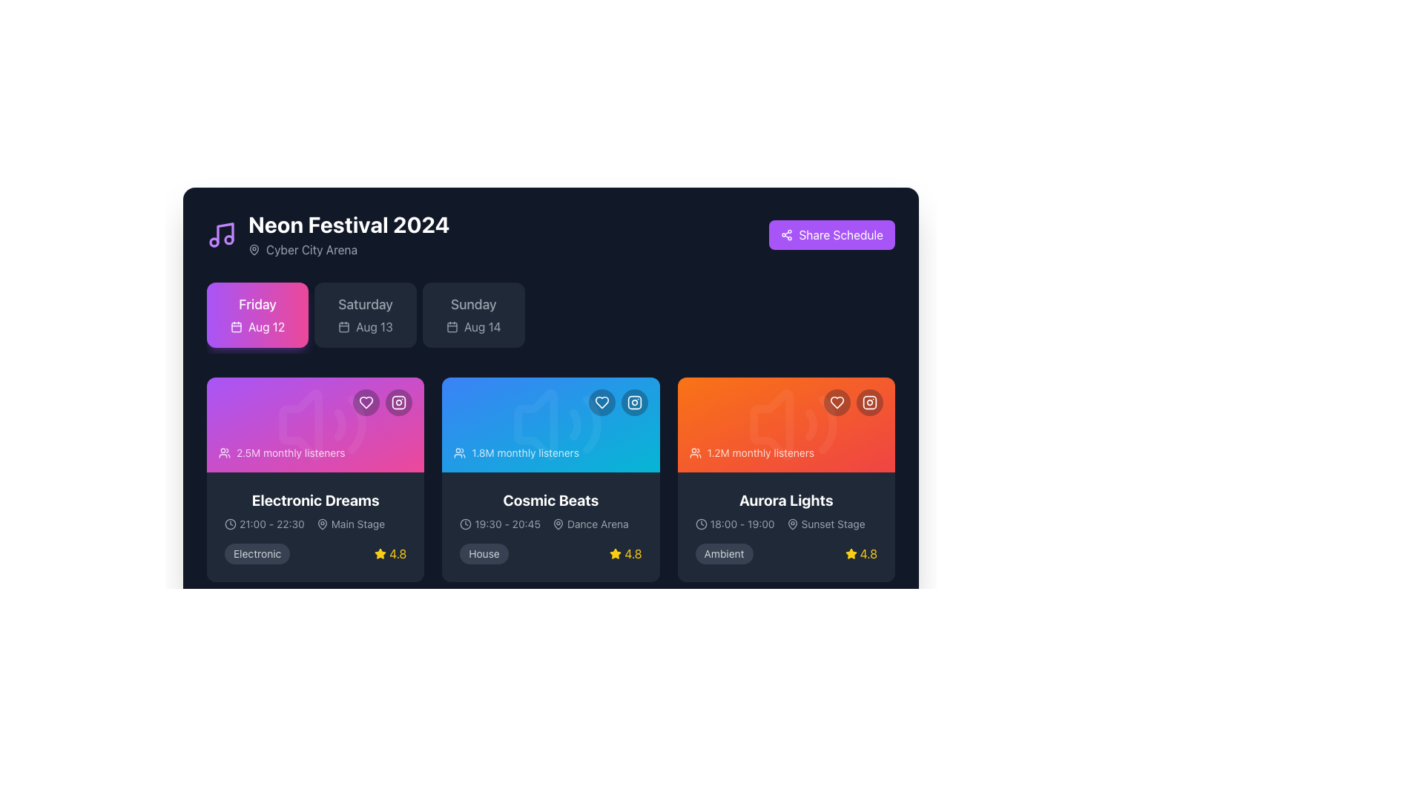  What do you see at coordinates (837, 403) in the screenshot?
I see `the 'like' button located in the top-right corner of the 'Aurora Lights' event card` at bounding box center [837, 403].